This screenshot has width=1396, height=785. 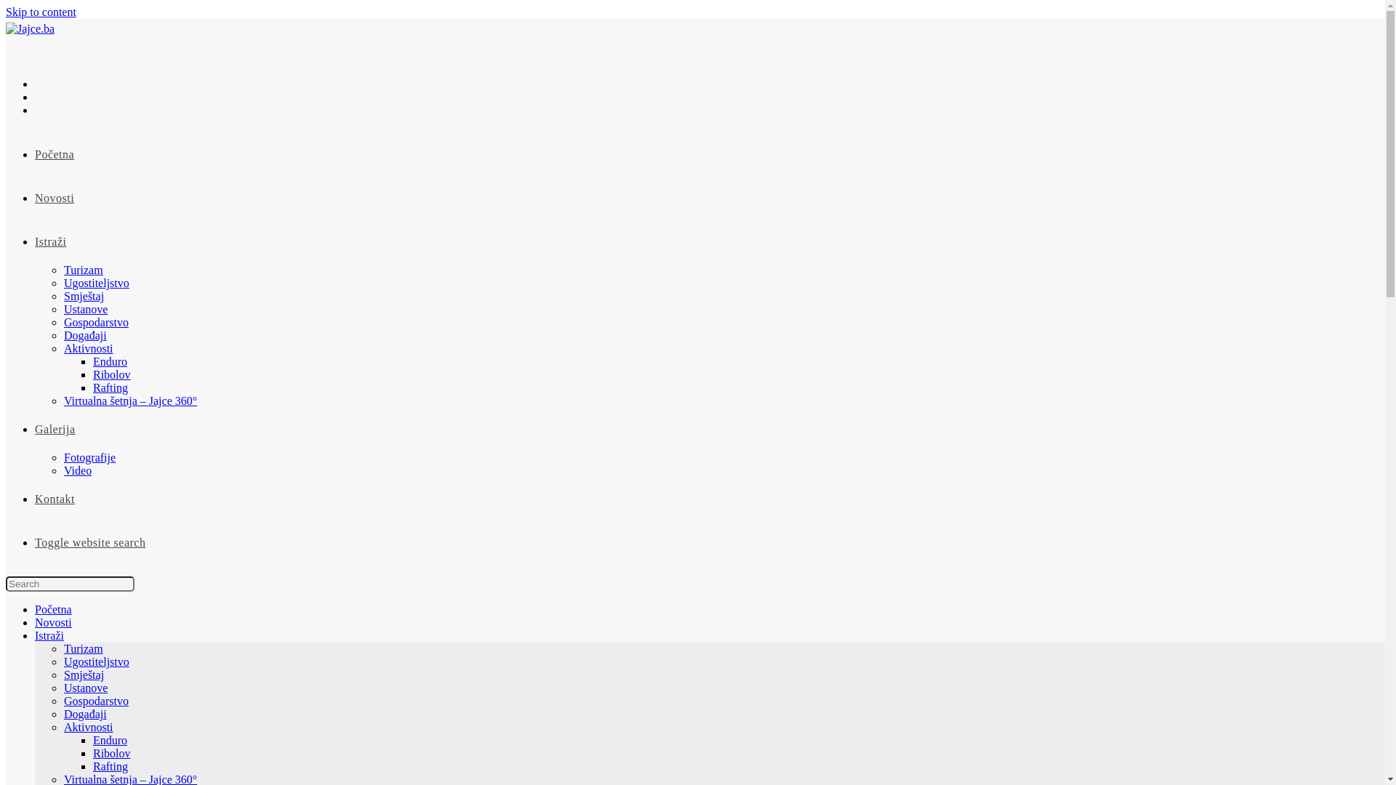 I want to click on 'Gospodarstvo', so click(x=95, y=321).